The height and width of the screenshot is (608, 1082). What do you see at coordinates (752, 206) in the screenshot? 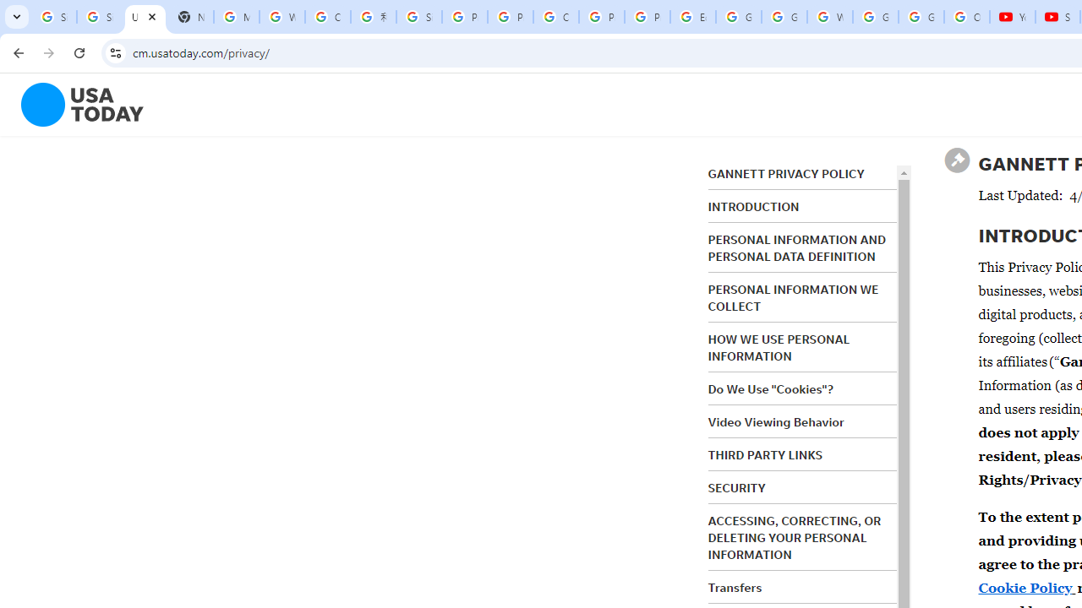
I see `'INTRODUCTION'` at bounding box center [752, 206].